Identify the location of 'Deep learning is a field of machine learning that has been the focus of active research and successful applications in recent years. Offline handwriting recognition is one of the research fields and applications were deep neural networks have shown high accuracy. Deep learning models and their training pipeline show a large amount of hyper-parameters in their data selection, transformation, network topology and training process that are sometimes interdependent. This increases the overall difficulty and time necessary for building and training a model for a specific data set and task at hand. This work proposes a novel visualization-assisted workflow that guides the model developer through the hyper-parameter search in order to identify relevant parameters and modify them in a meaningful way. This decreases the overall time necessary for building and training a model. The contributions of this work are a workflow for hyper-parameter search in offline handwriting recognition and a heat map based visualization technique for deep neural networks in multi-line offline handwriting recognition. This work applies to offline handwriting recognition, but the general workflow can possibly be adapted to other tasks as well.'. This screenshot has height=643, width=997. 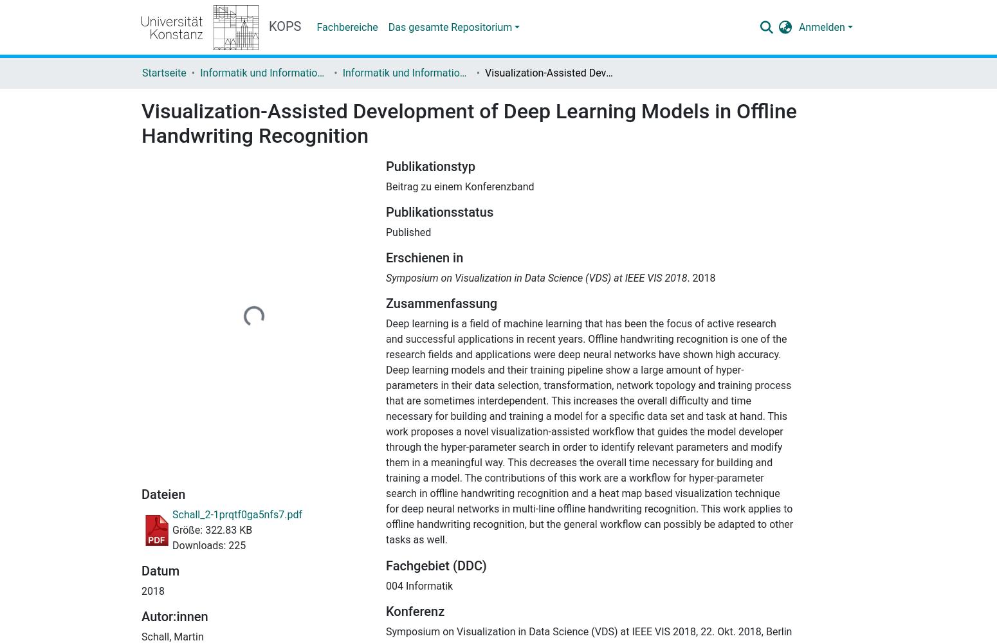
(589, 431).